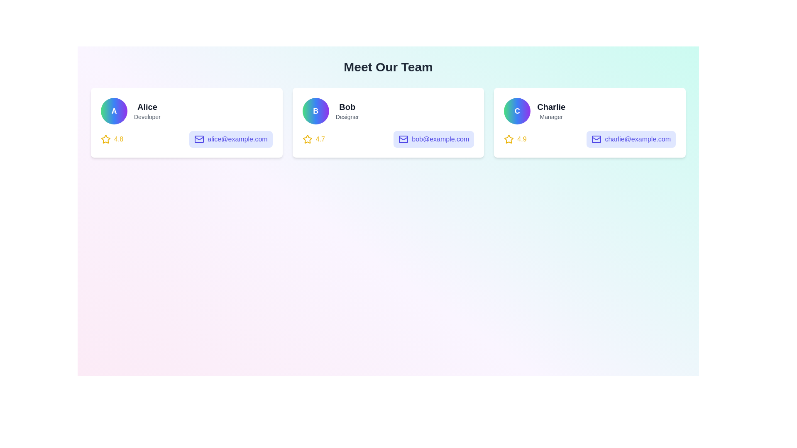  What do you see at coordinates (237, 139) in the screenshot?
I see `the email address text element serving as a contact link for 'Alice, Developer'` at bounding box center [237, 139].